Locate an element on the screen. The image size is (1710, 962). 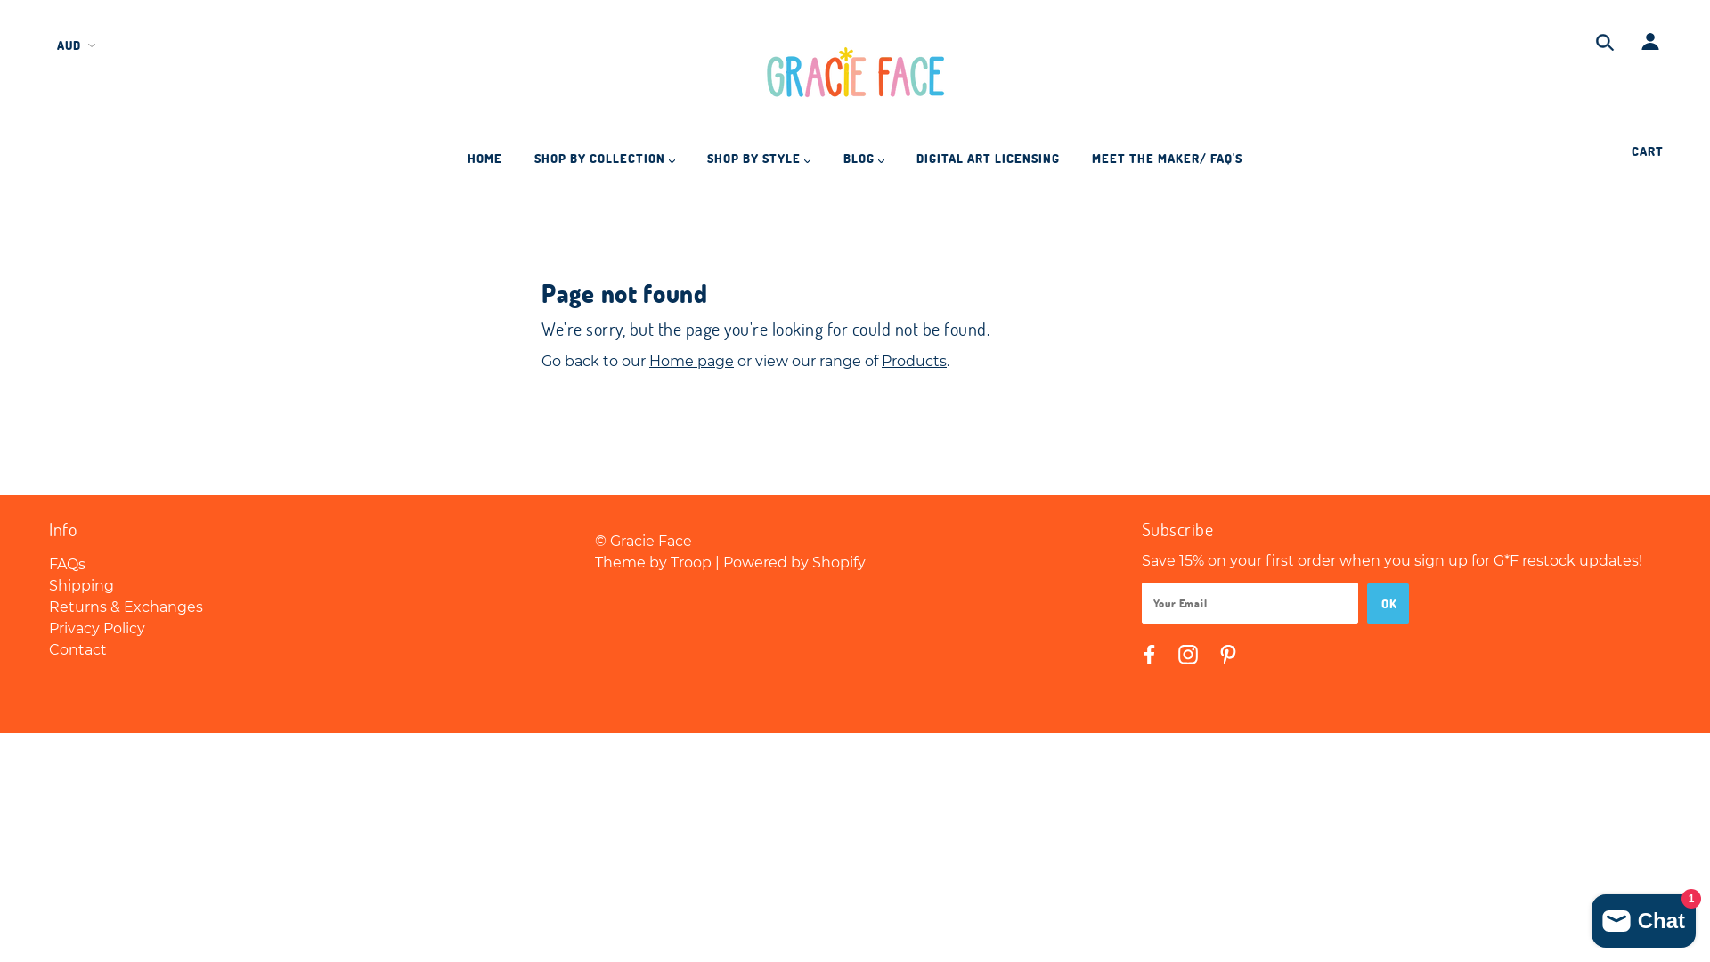
'DIGITAL ART LICENSING' is located at coordinates (987, 165).